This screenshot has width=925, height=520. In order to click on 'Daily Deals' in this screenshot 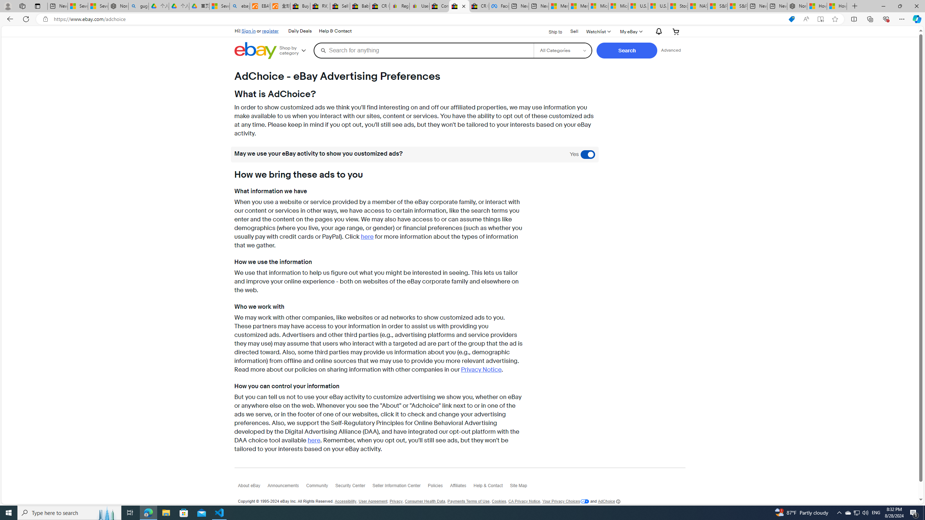, I will do `click(300, 31)`.